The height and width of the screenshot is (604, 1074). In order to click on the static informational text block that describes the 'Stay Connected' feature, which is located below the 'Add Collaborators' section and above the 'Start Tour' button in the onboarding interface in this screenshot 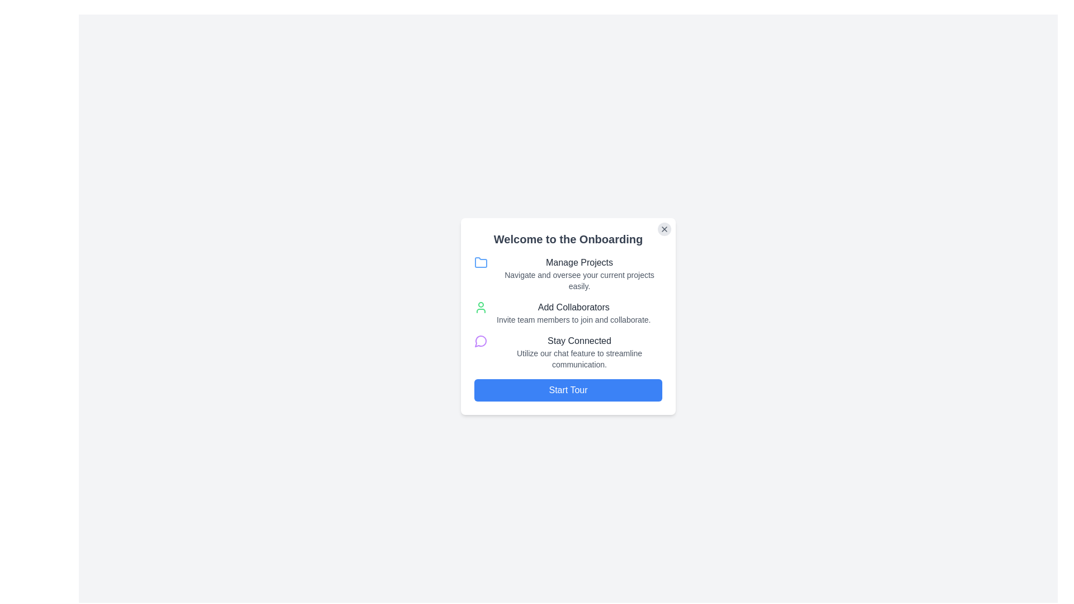, I will do `click(580, 351)`.